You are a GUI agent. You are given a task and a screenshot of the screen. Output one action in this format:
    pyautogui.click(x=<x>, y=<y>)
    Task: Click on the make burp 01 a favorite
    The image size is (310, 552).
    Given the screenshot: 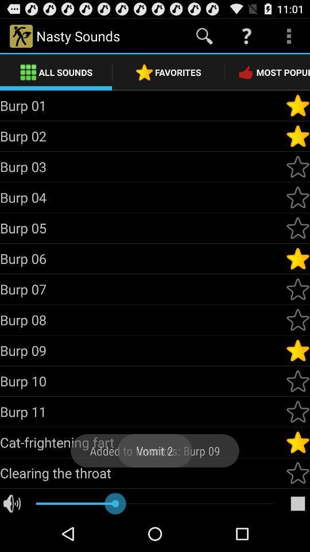 What is the action you would take?
    pyautogui.click(x=297, y=105)
    